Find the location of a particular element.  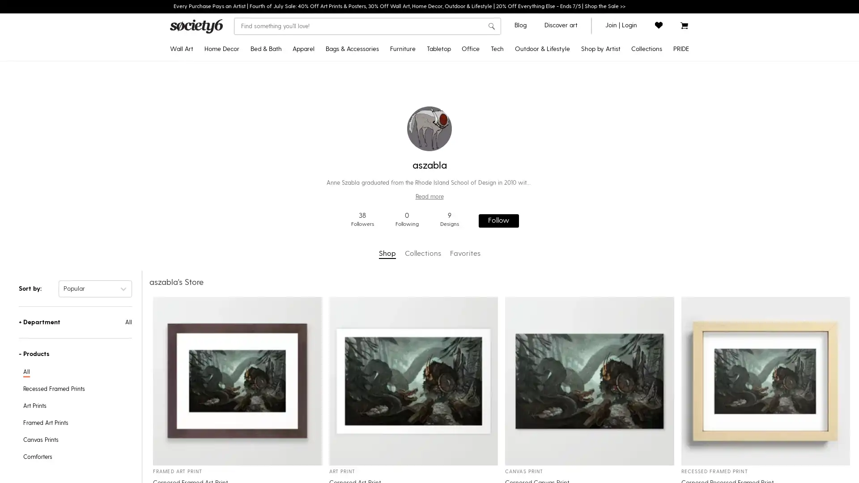

Placemats is located at coordinates (455, 129).